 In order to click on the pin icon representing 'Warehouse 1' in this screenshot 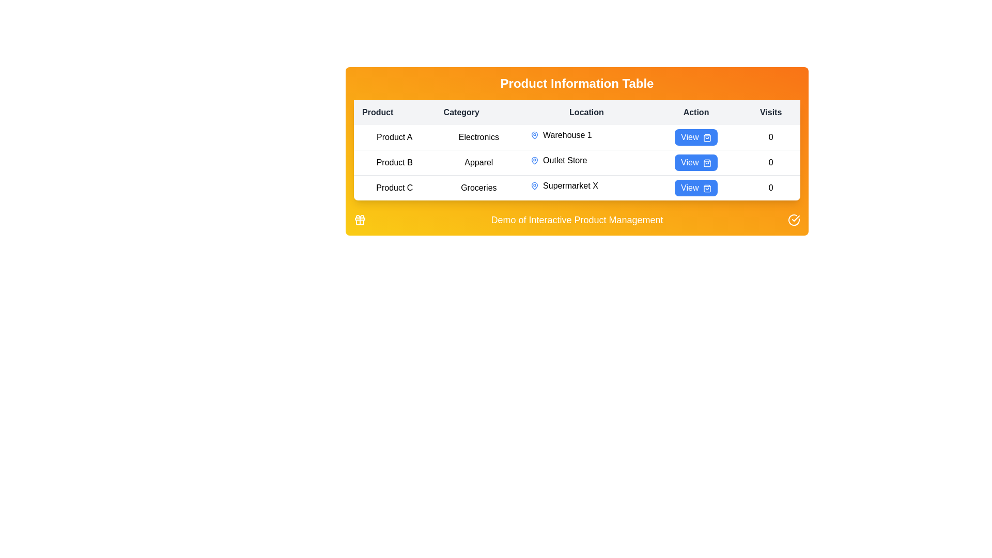, I will do `click(535, 135)`.